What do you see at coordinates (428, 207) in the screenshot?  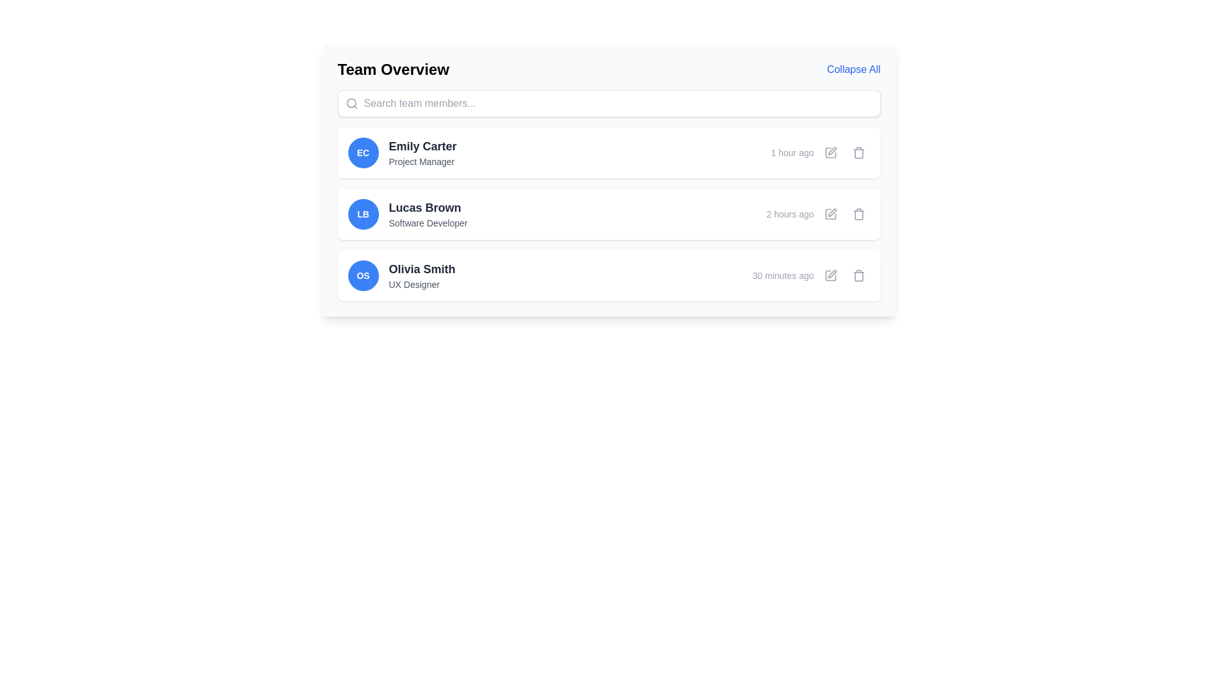 I see `the bold dark gray text label reading 'Lucas Brown' located in the second list item of the 'Team Overview', positioned above the role description 'Software Developer'` at bounding box center [428, 207].